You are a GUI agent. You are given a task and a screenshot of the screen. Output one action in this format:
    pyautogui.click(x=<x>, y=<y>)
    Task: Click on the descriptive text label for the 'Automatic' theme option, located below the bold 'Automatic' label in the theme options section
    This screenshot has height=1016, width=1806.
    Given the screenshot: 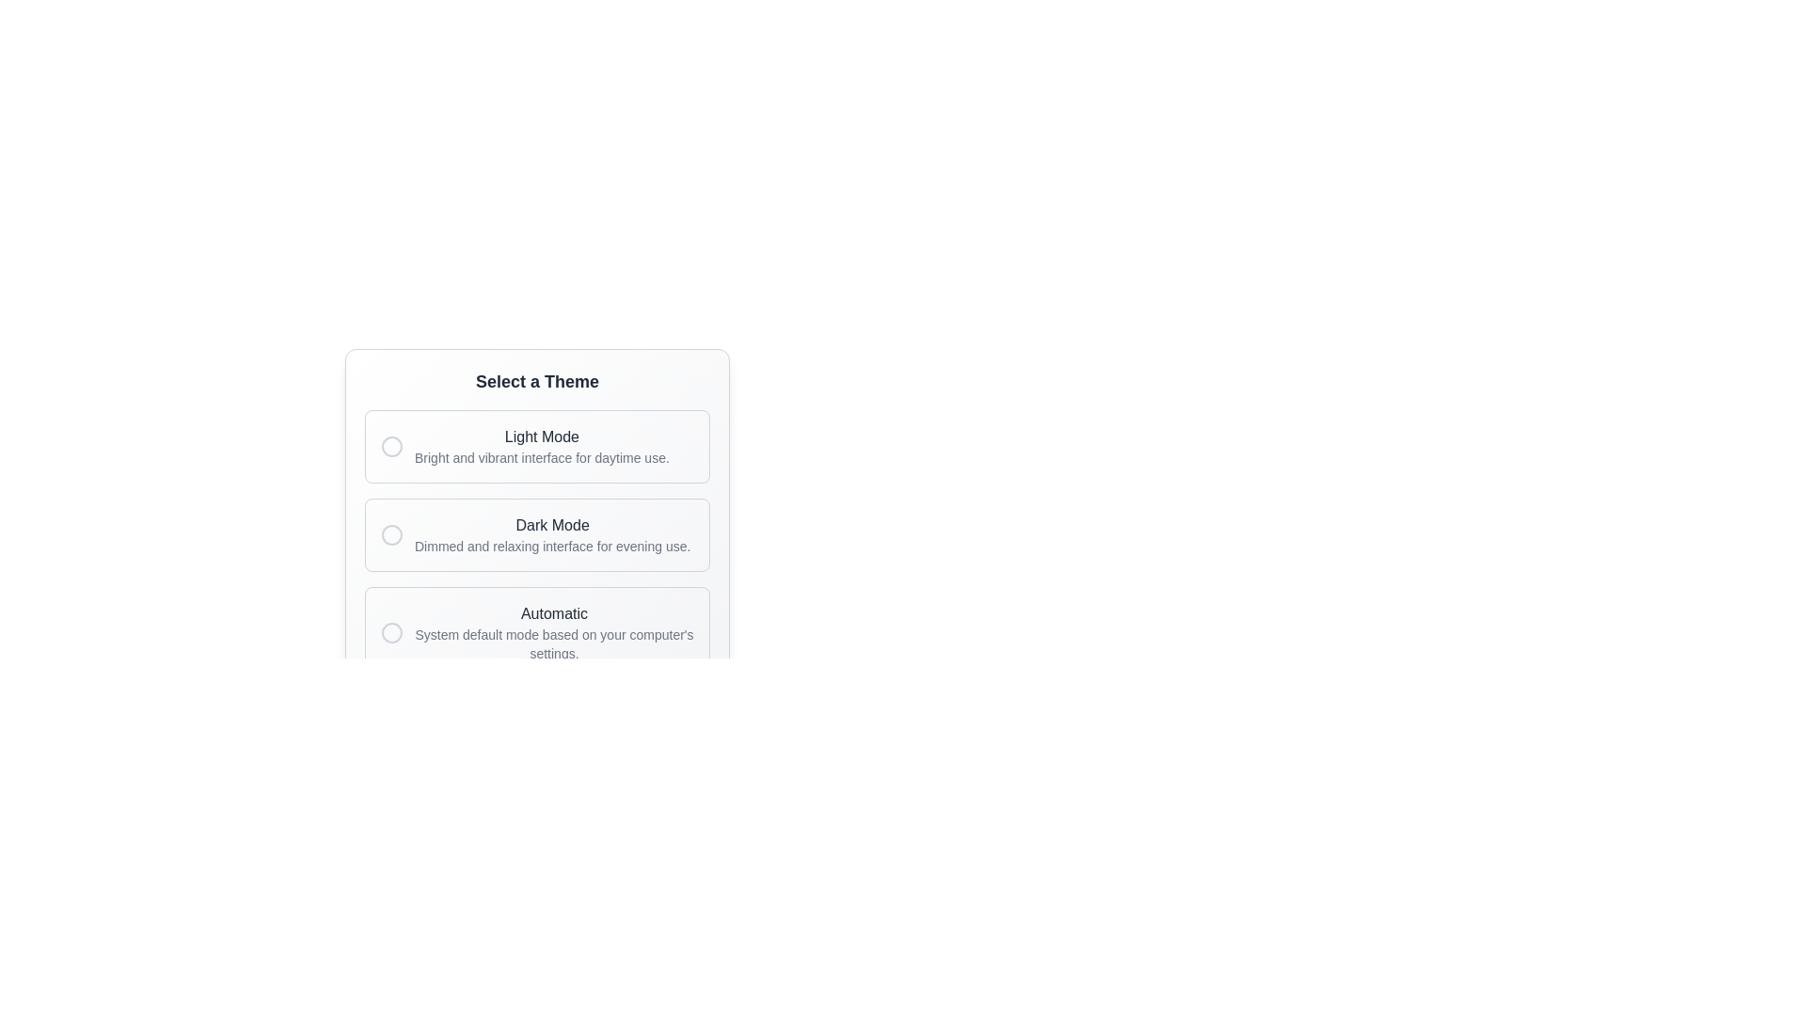 What is the action you would take?
    pyautogui.click(x=553, y=643)
    